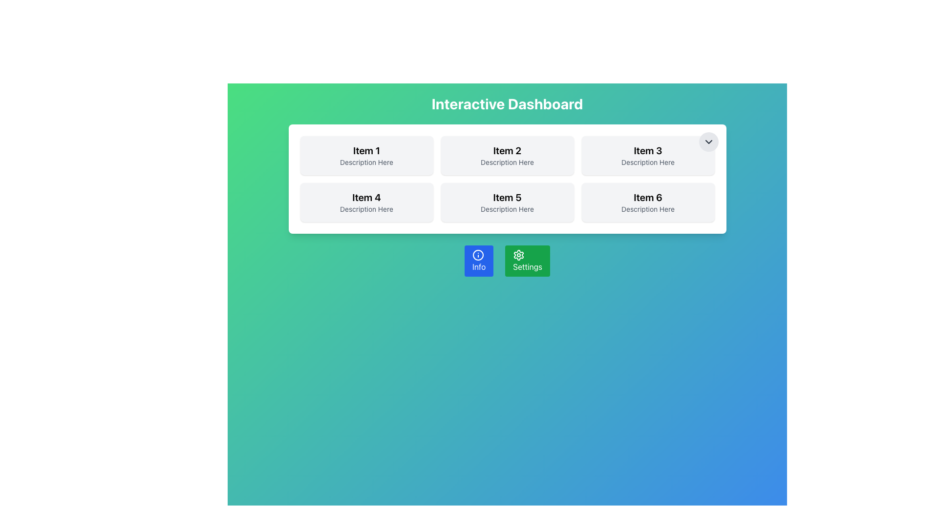  I want to click on the text label displaying 'Description Here', located below the 'Item 4' title in the second row, first column of a 2x3 grid layout, so click(366, 208).